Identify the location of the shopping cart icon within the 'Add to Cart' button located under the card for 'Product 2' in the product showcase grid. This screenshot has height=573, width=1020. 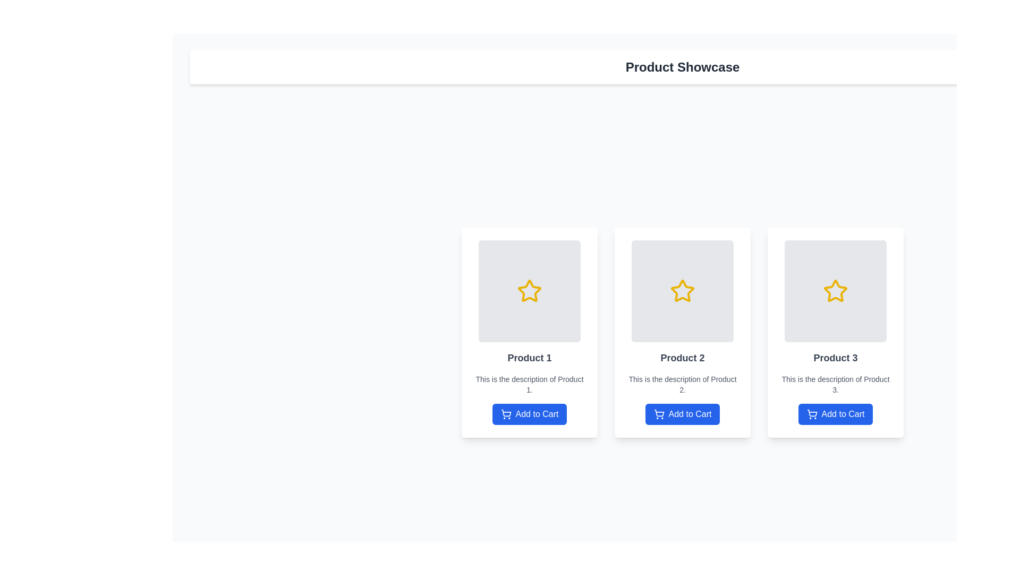
(658, 413).